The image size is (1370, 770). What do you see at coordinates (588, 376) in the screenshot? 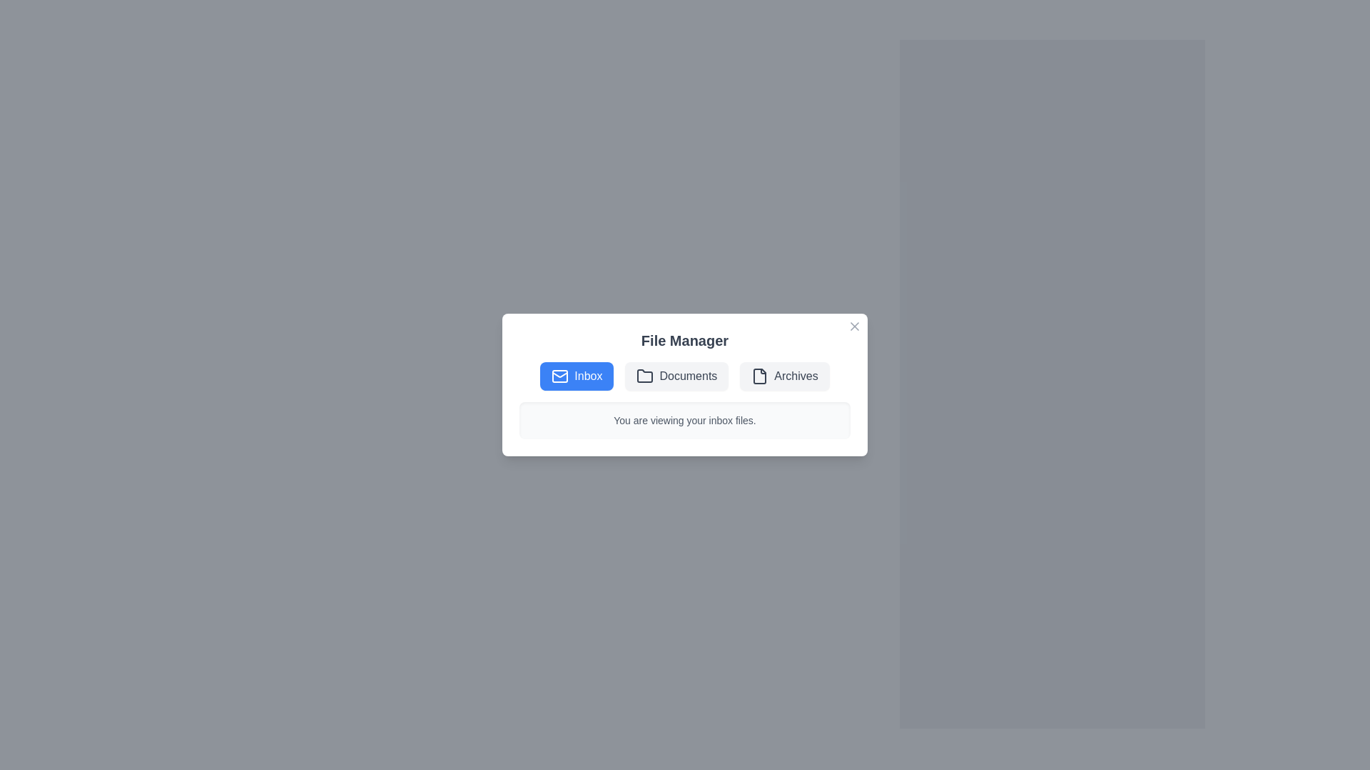
I see `the 'Inbox' text label within the button` at bounding box center [588, 376].